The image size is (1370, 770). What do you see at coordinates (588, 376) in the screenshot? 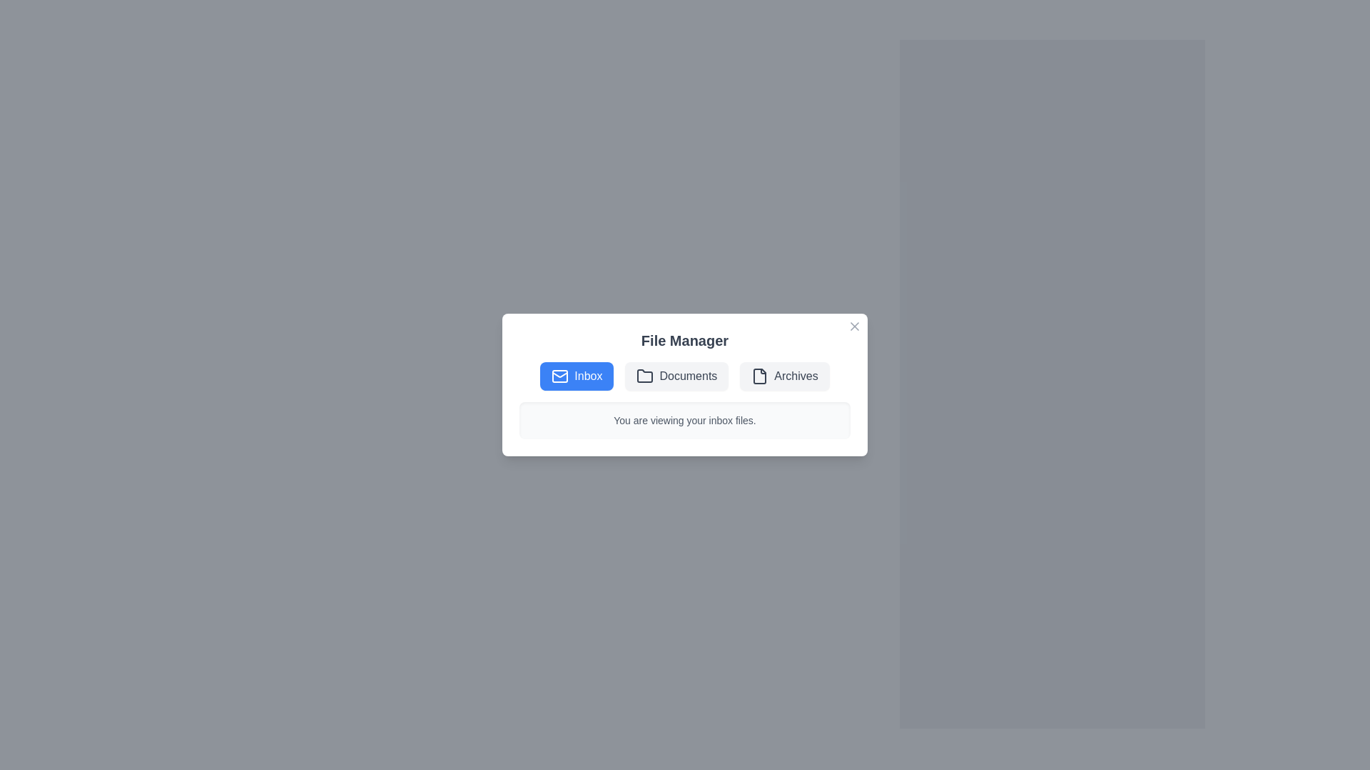
I see `the 'Inbox' text label within the button` at bounding box center [588, 376].